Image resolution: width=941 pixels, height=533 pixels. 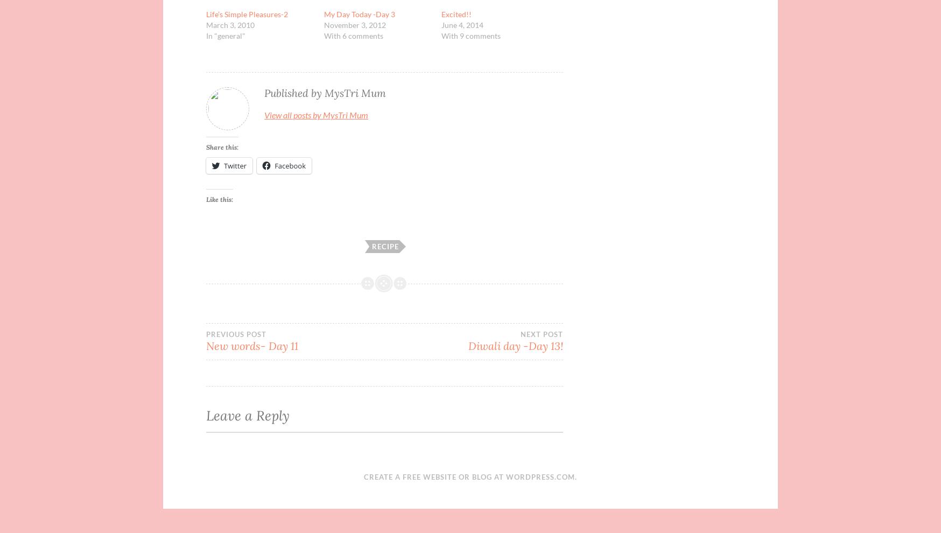 I want to click on 'Share this:', so click(x=206, y=146).